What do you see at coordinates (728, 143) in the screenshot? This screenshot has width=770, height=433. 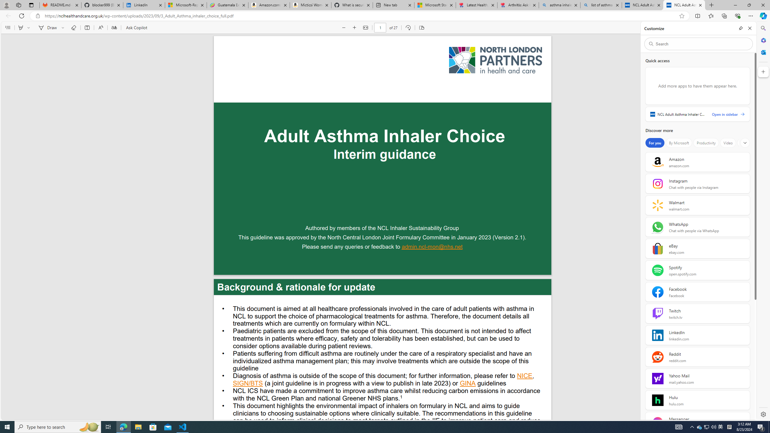 I see `'Video'` at bounding box center [728, 143].